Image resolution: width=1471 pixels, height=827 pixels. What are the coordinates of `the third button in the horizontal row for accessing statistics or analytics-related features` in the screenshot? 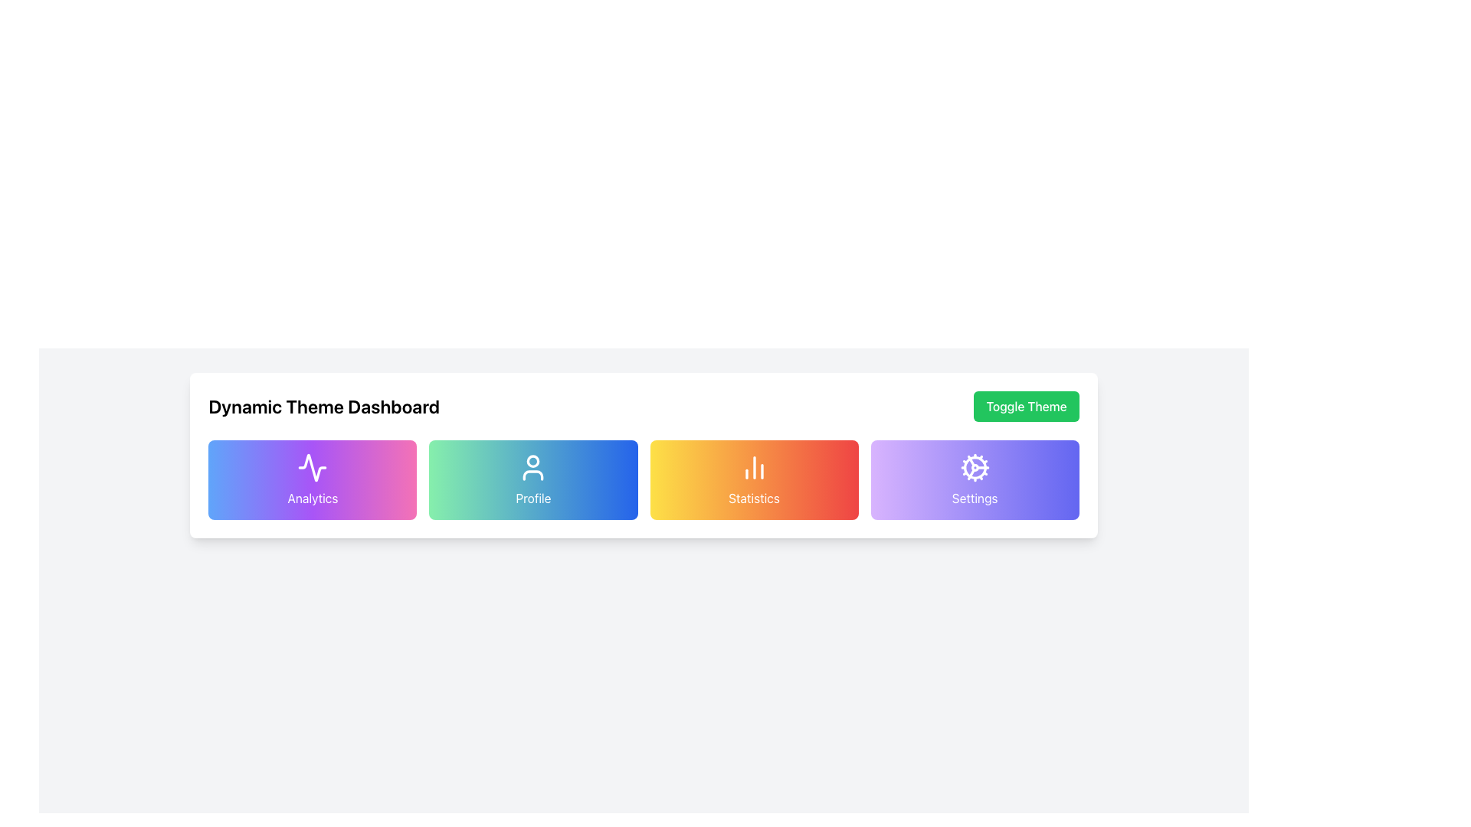 It's located at (754, 479).